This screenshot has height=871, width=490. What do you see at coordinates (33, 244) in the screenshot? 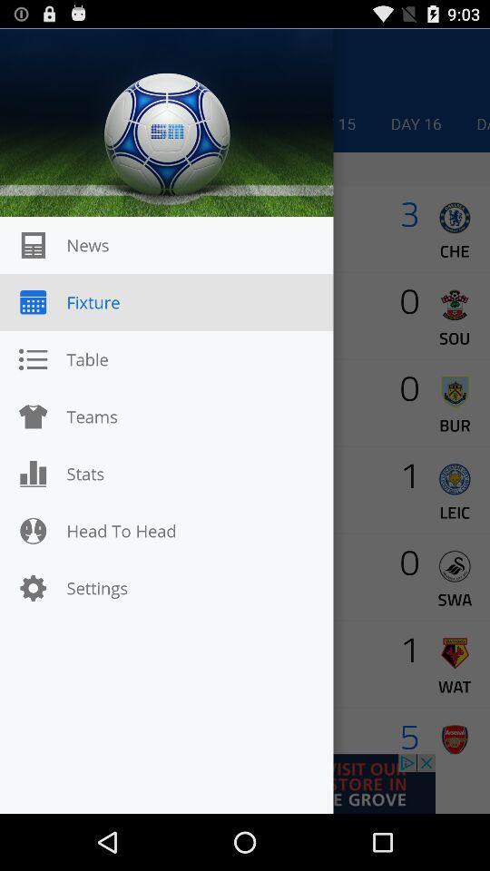
I see `the icon which is before news on page` at bounding box center [33, 244].